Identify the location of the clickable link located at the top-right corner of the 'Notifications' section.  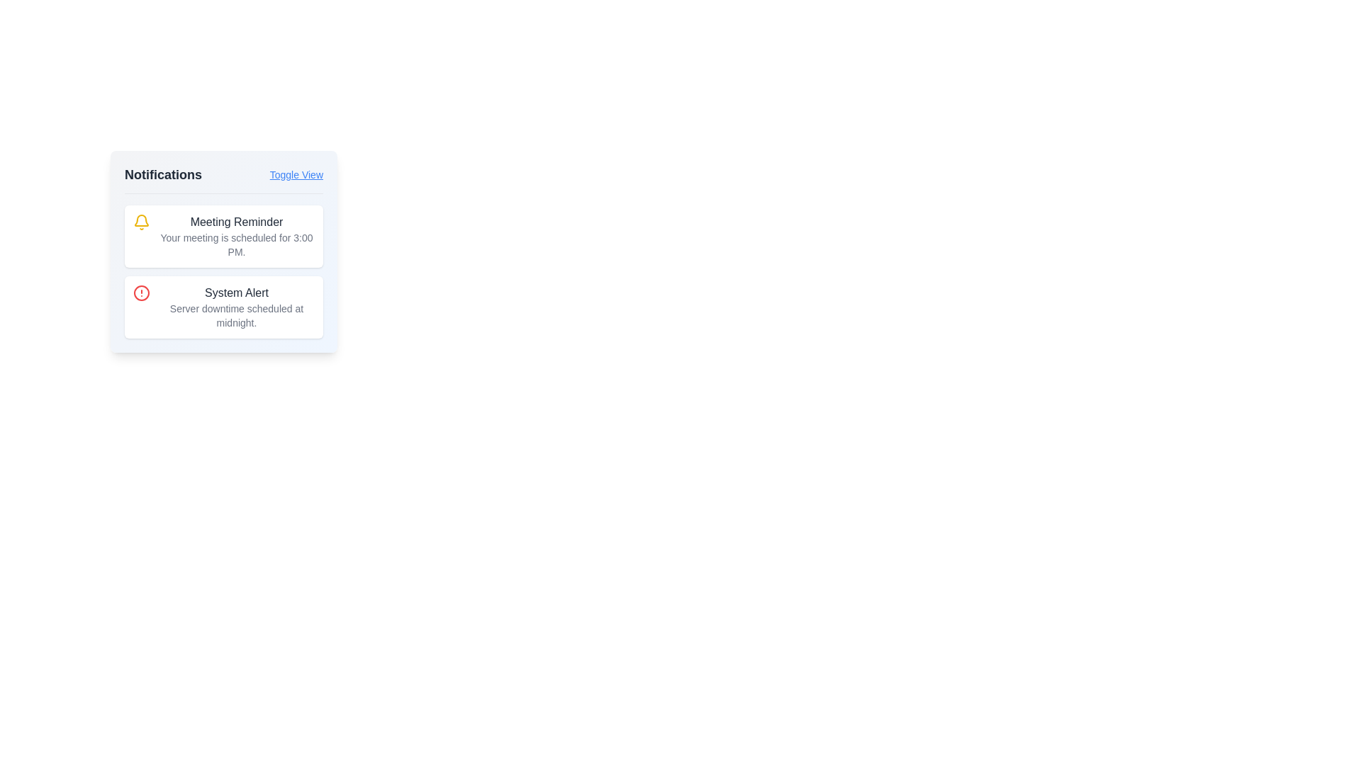
(296, 174).